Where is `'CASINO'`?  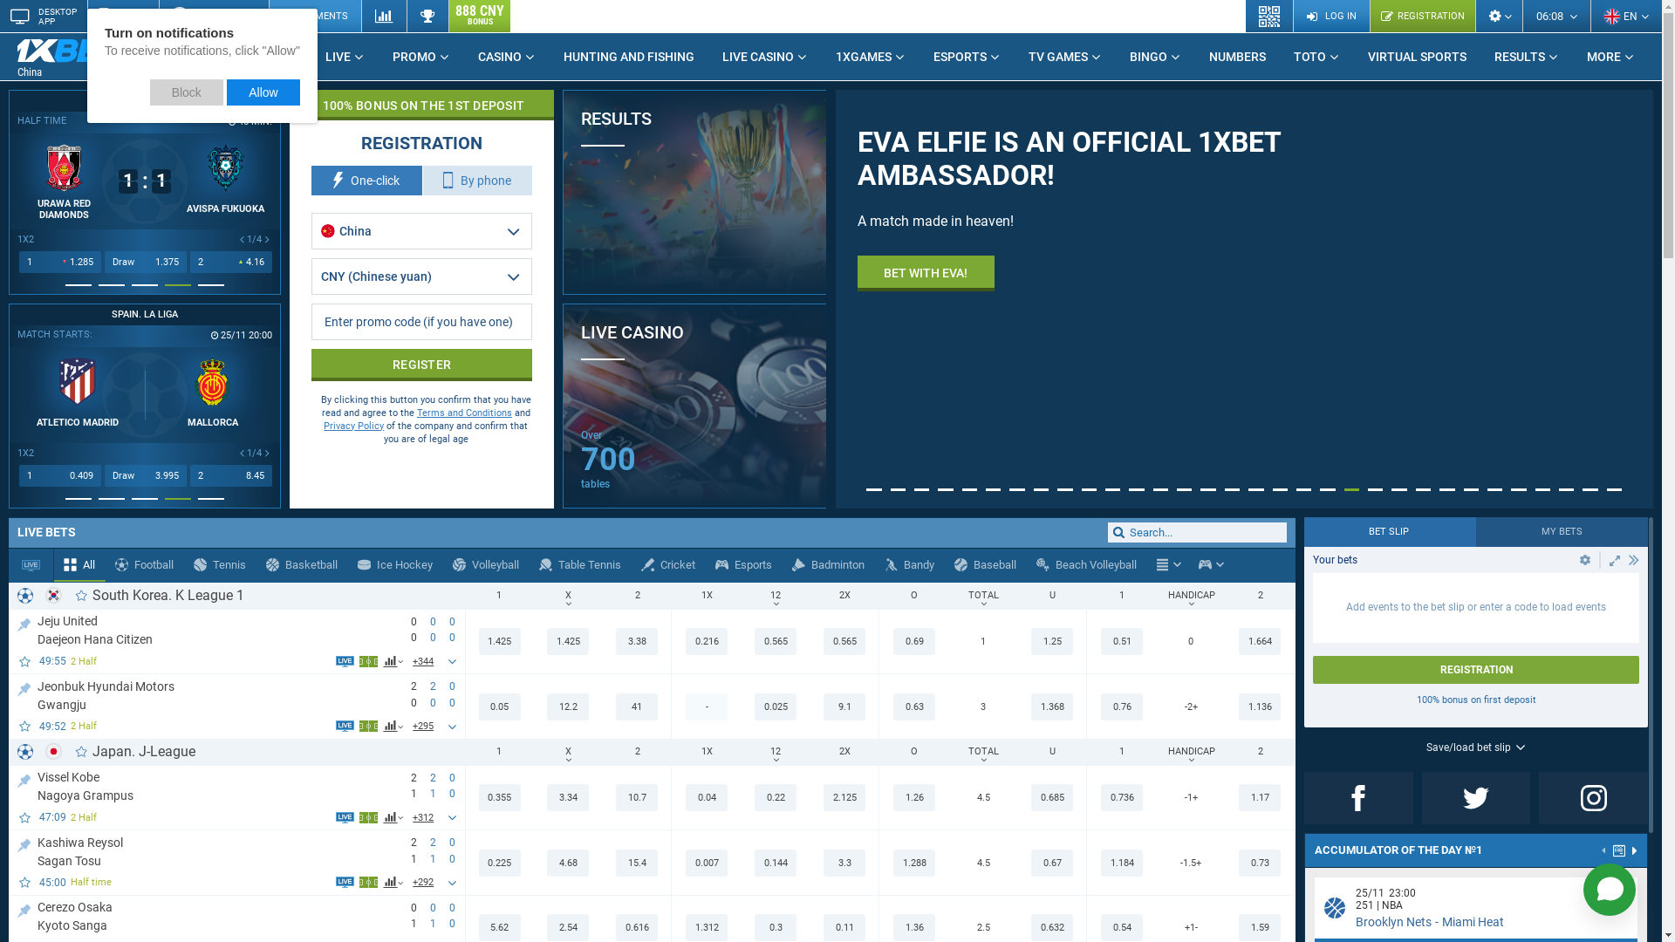
'CASINO' is located at coordinates (505, 56).